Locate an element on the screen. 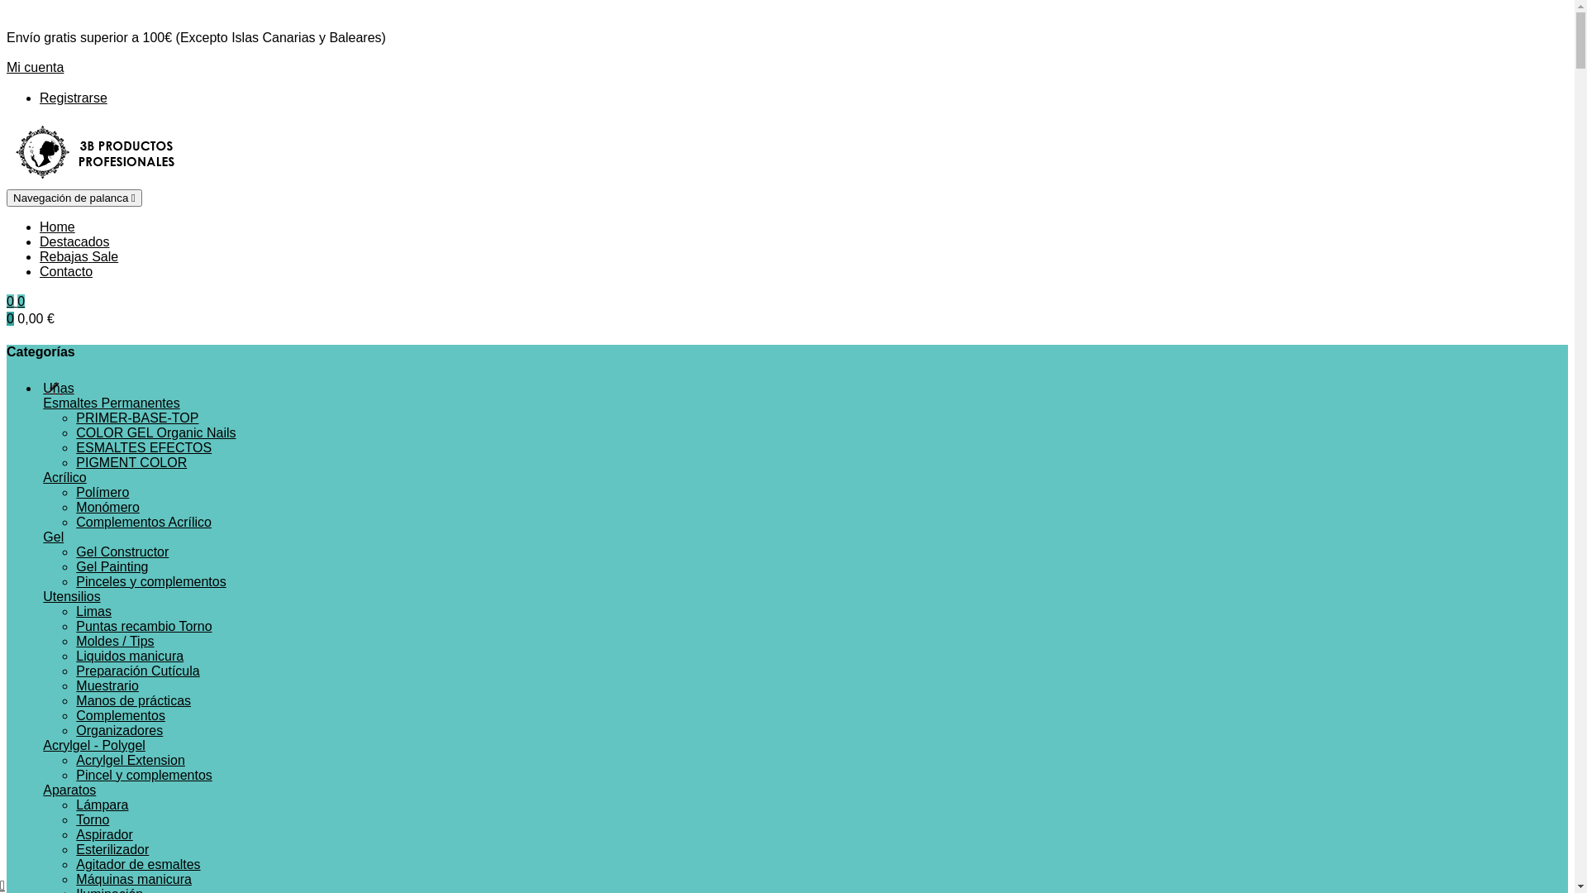 The width and height of the screenshot is (1587, 893). '0' is located at coordinates (7, 301).